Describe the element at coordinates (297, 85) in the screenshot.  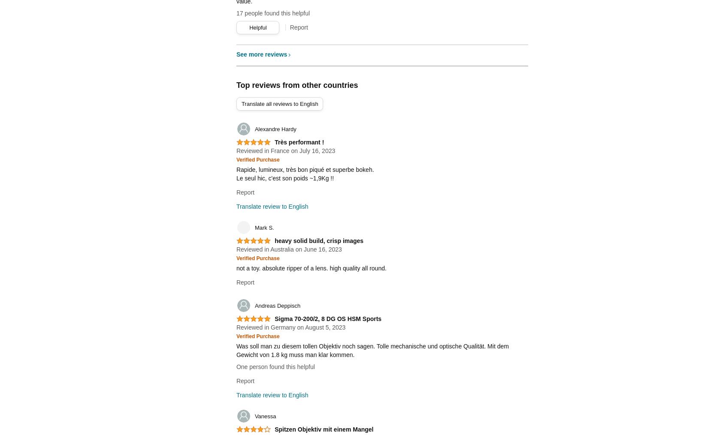
I see `'Top reviews from other countries'` at that location.